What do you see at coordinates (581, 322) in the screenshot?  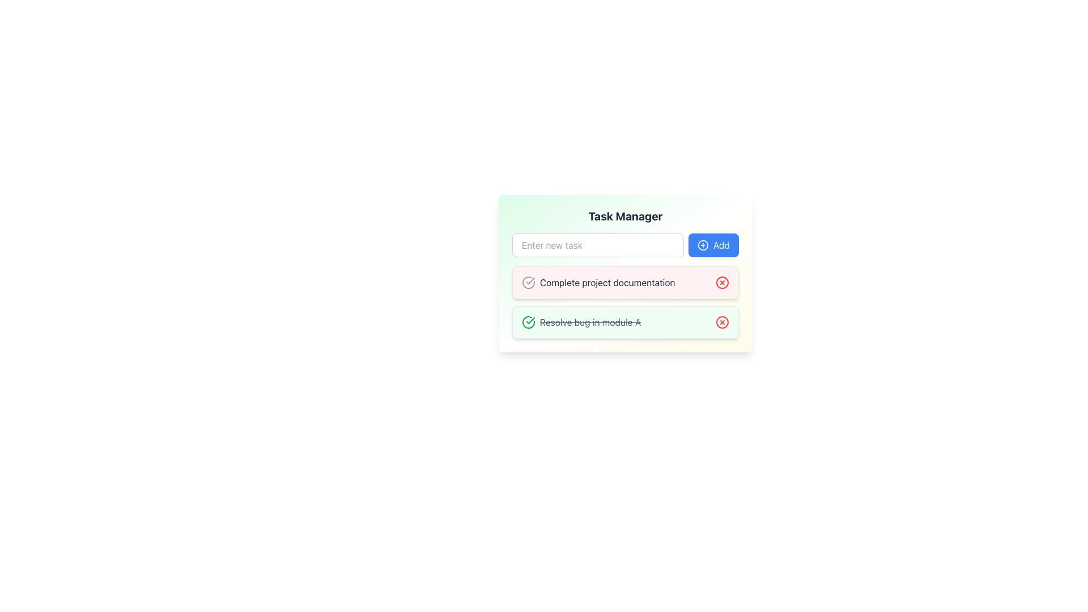 I see `text of the Task item label that indicates completion, which reads 'Resolve bug in module A'` at bounding box center [581, 322].